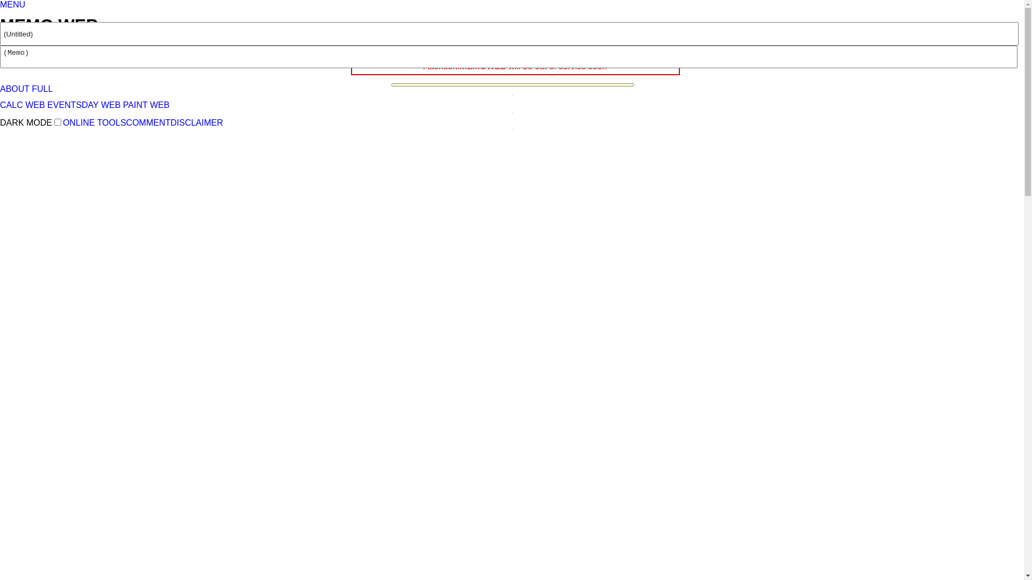 This screenshot has height=580, width=1032. Describe the element at coordinates (62, 122) in the screenshot. I see `'ONLINE TOOLS'` at that location.